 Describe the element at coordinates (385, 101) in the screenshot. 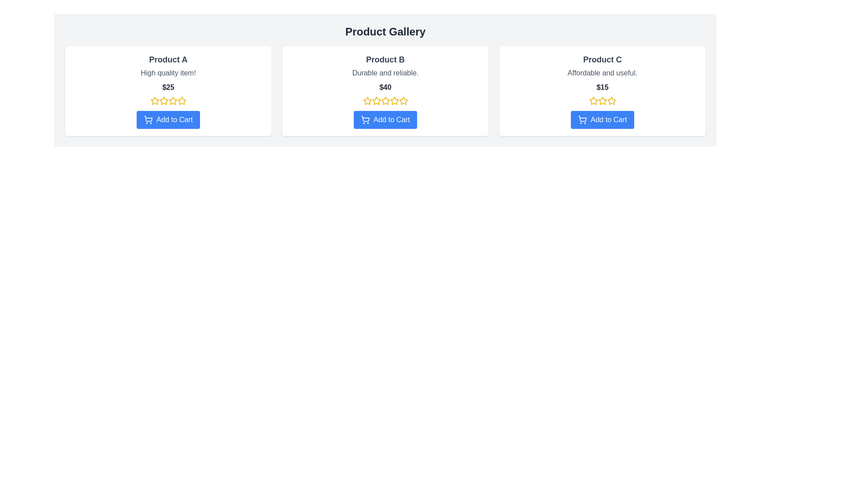

I see `the second star in the star rating icon` at that location.